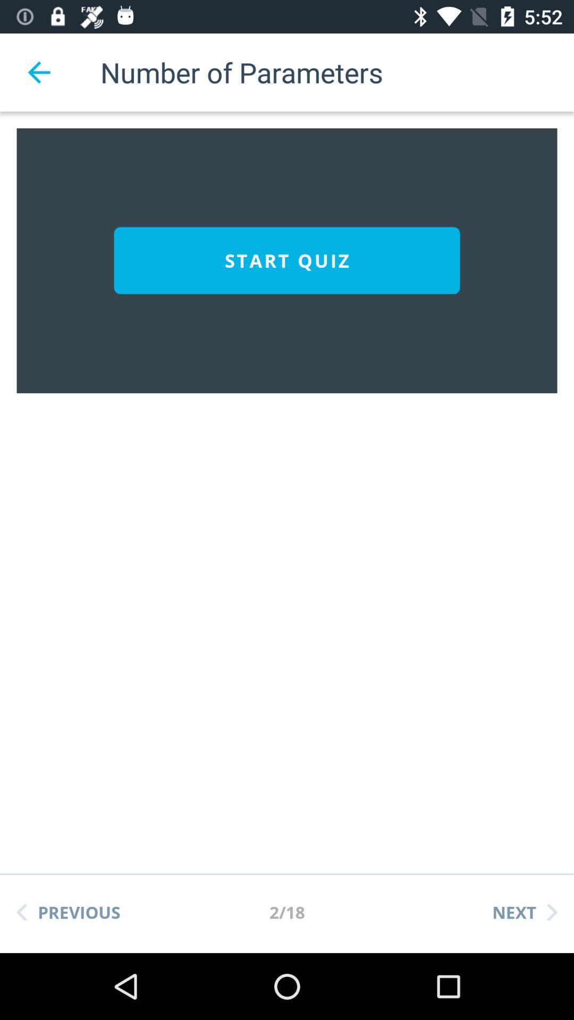 The width and height of the screenshot is (574, 1020). I want to click on the icon next to number of parameters, so click(38, 72).